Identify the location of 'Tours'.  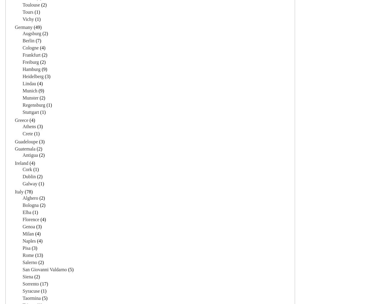
(28, 11).